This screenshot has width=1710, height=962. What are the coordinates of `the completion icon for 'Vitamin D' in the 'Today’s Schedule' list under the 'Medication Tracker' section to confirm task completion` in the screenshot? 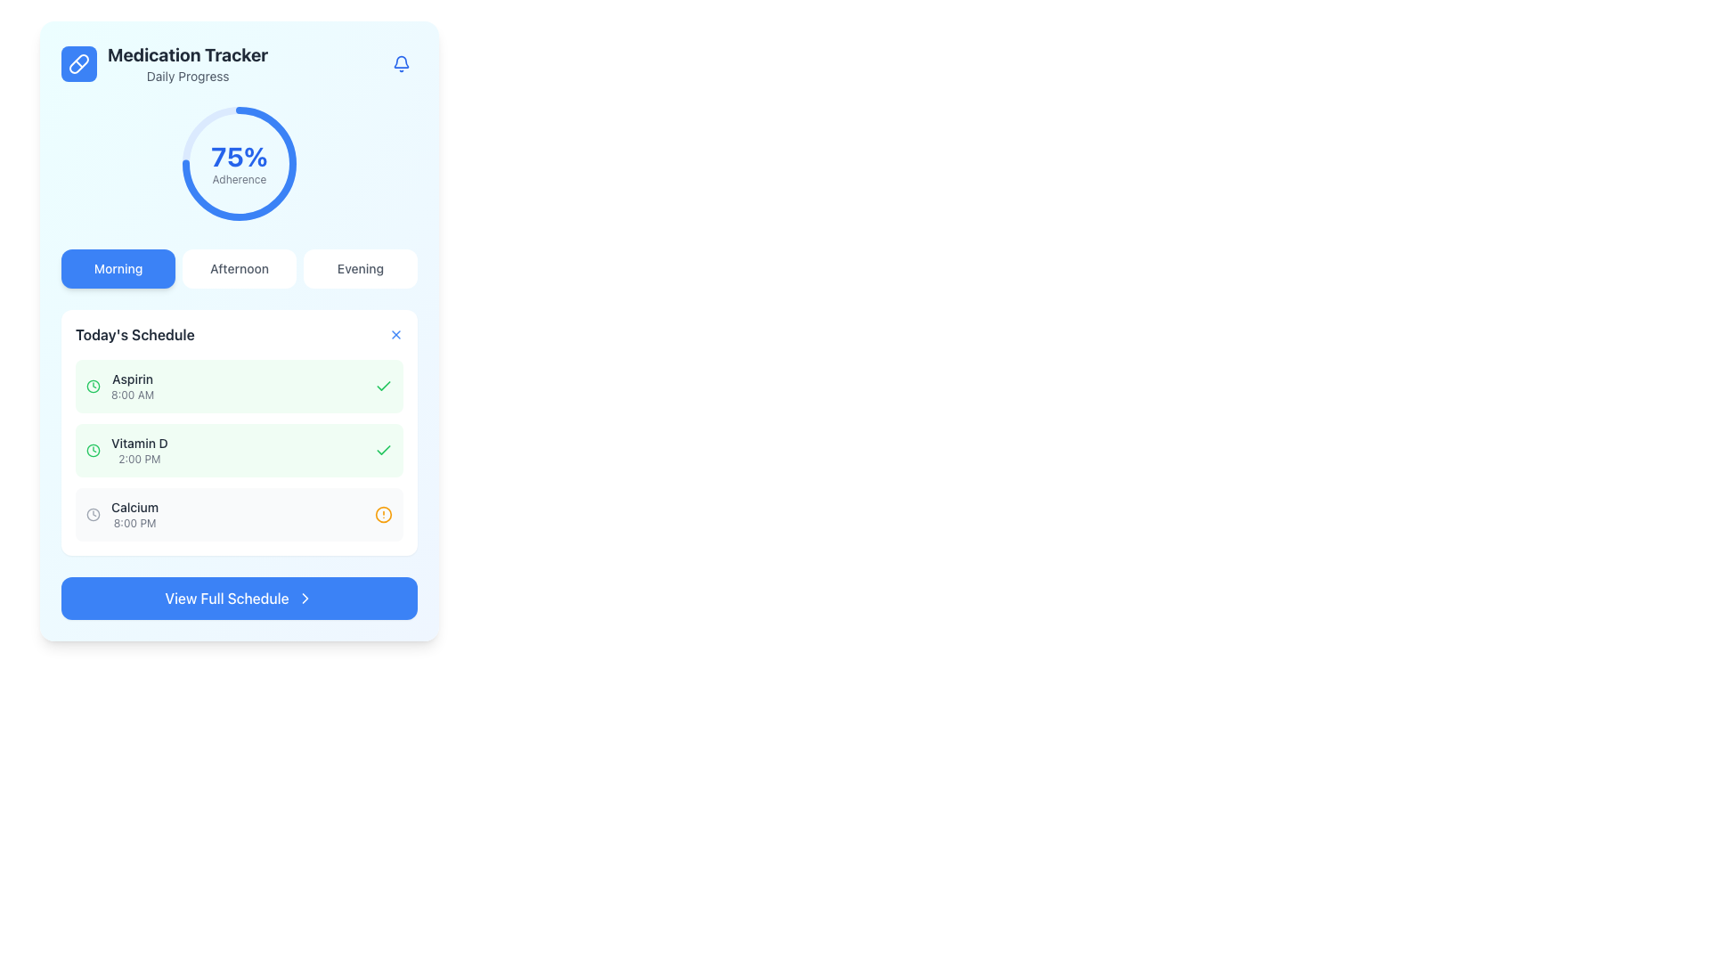 It's located at (383, 384).